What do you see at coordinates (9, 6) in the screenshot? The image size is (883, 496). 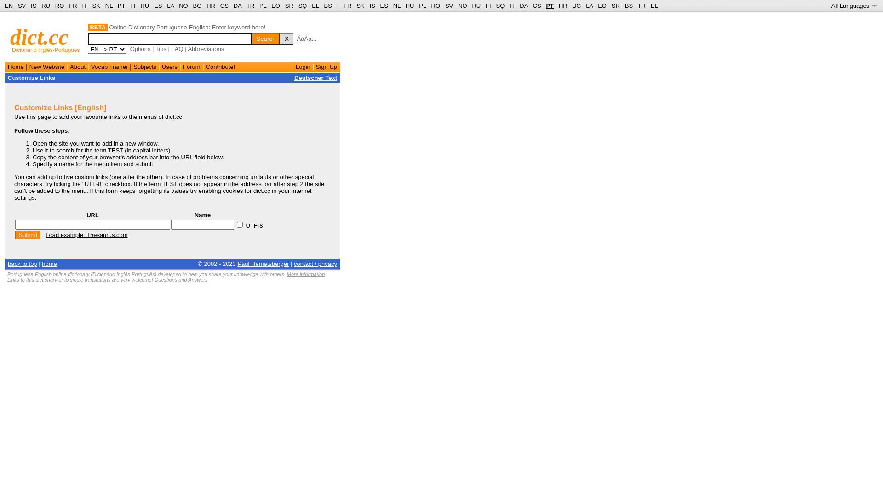 I see `'EN'` at bounding box center [9, 6].